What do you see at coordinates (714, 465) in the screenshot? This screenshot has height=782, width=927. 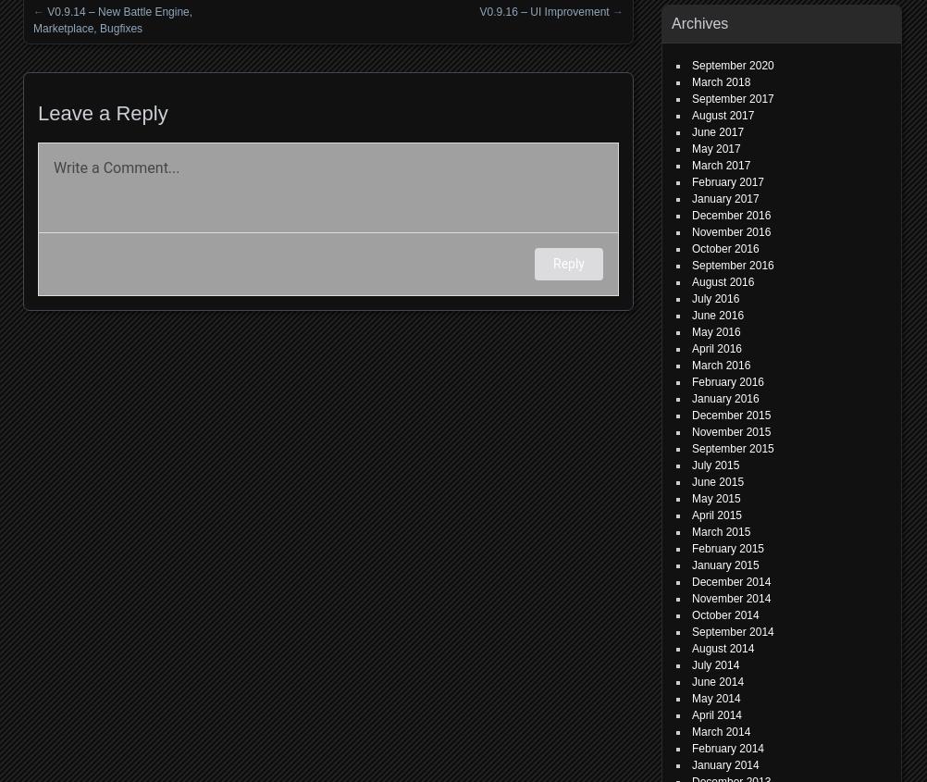 I see `'July 2015'` at bounding box center [714, 465].